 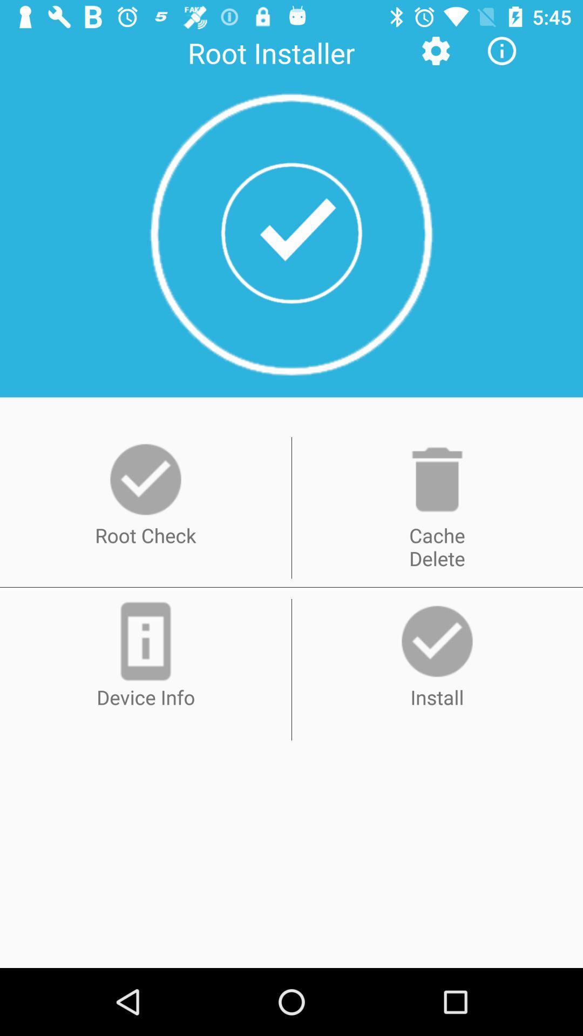 What do you see at coordinates (502, 50) in the screenshot?
I see `the info icon` at bounding box center [502, 50].